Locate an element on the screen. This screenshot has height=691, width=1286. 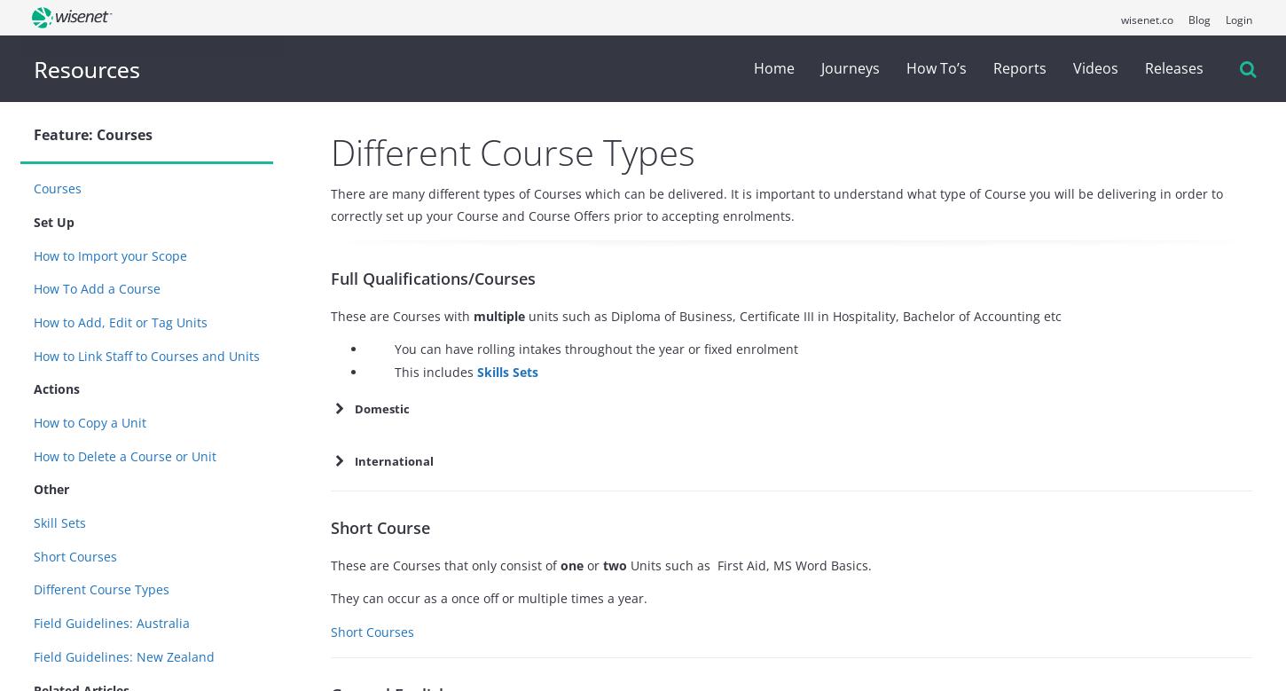
'These are Courses that only consist of' is located at coordinates (329, 564).